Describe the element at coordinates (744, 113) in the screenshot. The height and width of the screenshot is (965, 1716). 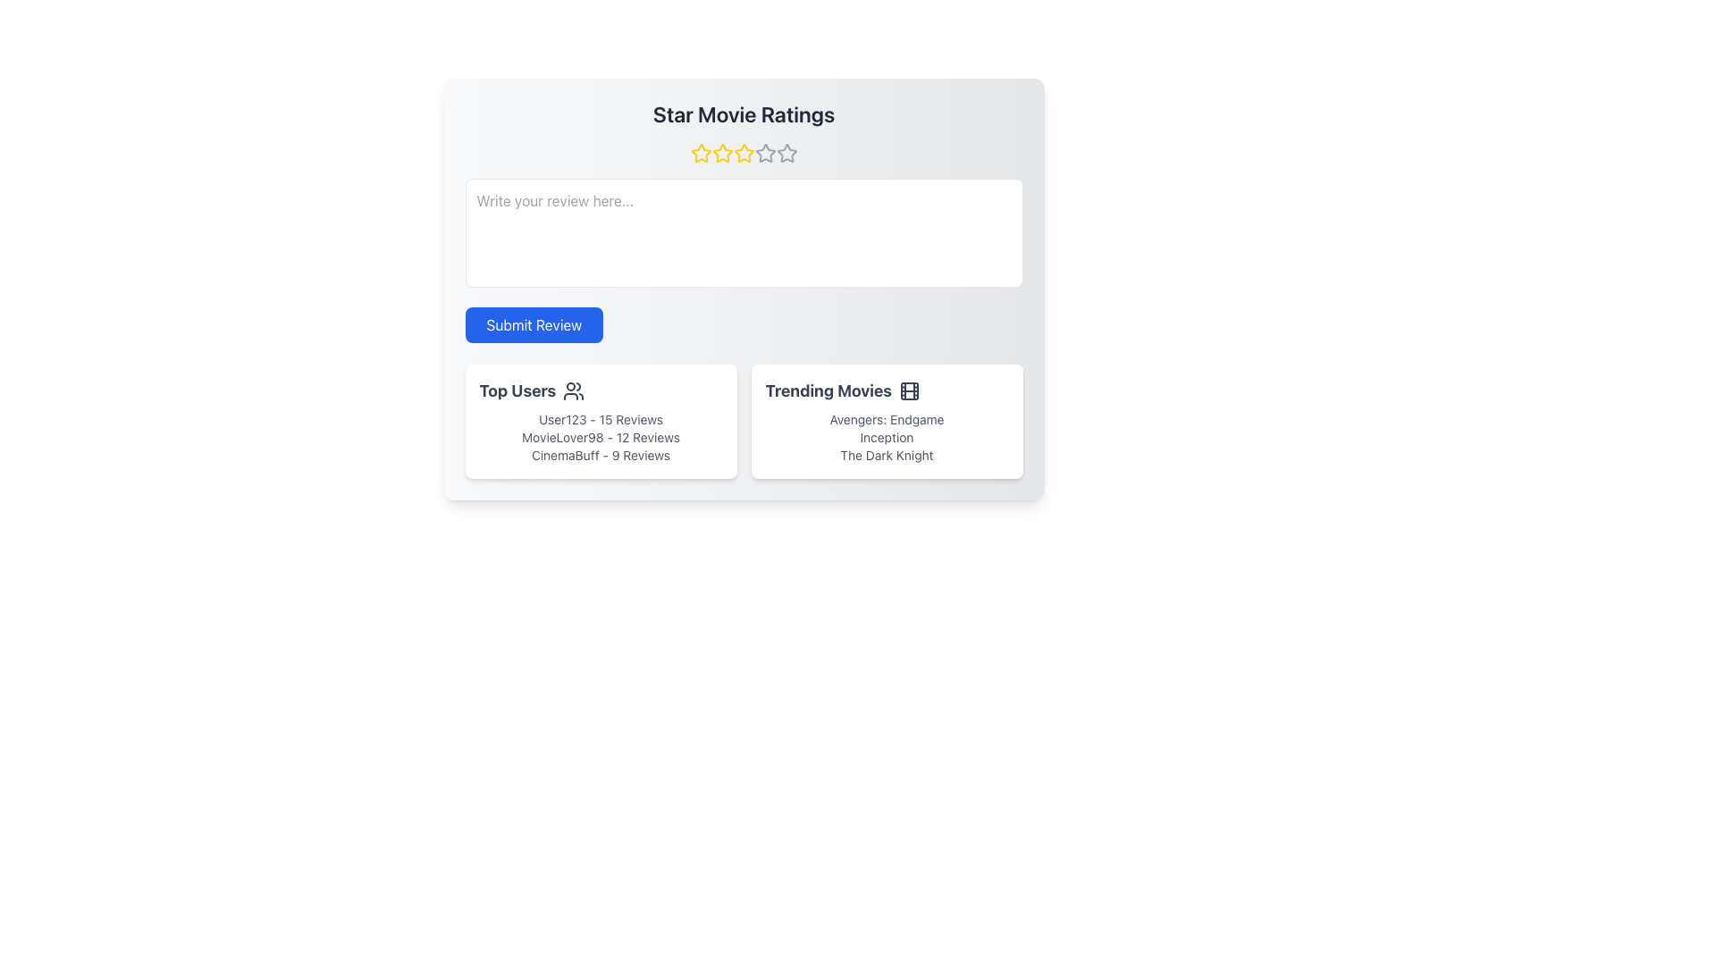
I see `text 'Star Movie Ratings' displayed prominently at the top of the section, styled in bold and dark gray font` at that location.